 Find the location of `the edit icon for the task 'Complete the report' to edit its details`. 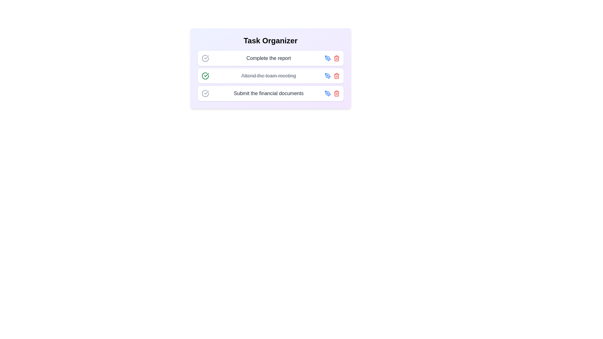

the edit icon for the task 'Complete the report' to edit its details is located at coordinates (327, 58).